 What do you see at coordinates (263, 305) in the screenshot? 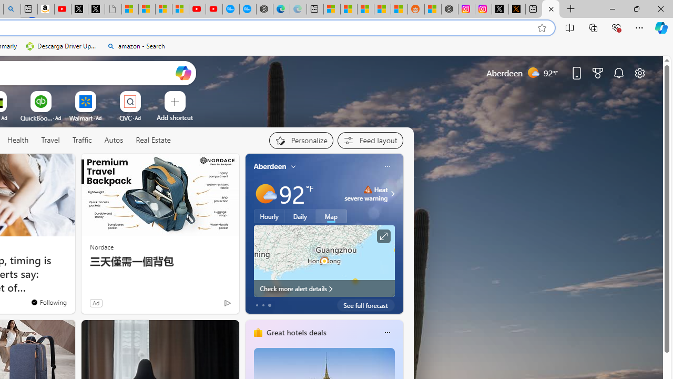
I see `'tab-1'` at bounding box center [263, 305].